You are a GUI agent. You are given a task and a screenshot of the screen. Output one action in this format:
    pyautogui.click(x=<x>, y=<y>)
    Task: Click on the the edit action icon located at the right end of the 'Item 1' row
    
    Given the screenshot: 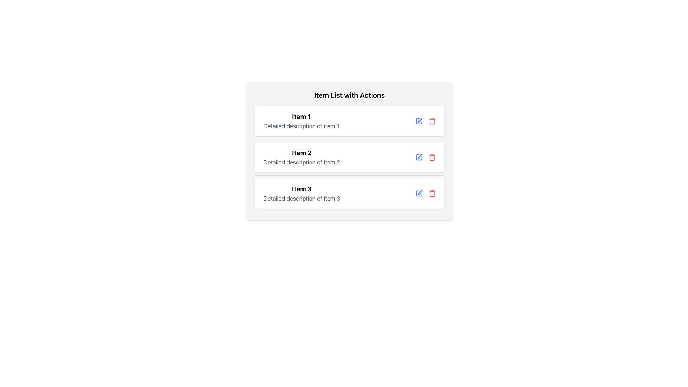 What is the action you would take?
    pyautogui.click(x=420, y=120)
    